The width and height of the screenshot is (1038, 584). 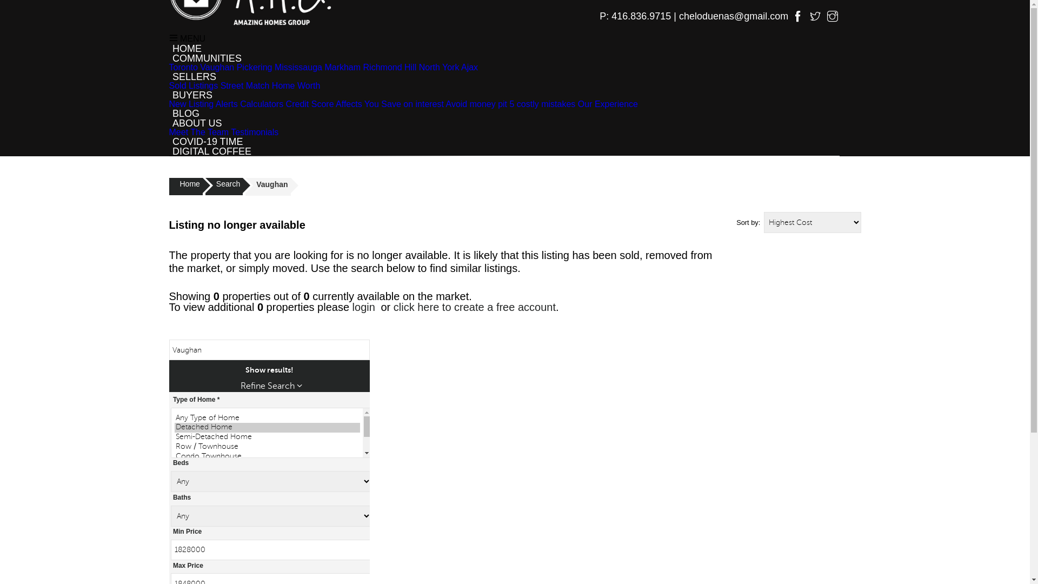 I want to click on 'BUYERS', so click(x=192, y=95).